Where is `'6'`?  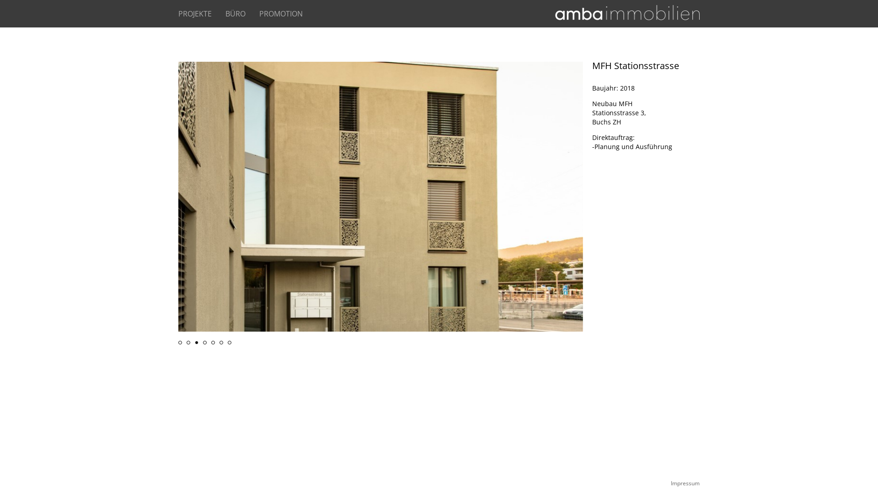
'6' is located at coordinates (219, 342).